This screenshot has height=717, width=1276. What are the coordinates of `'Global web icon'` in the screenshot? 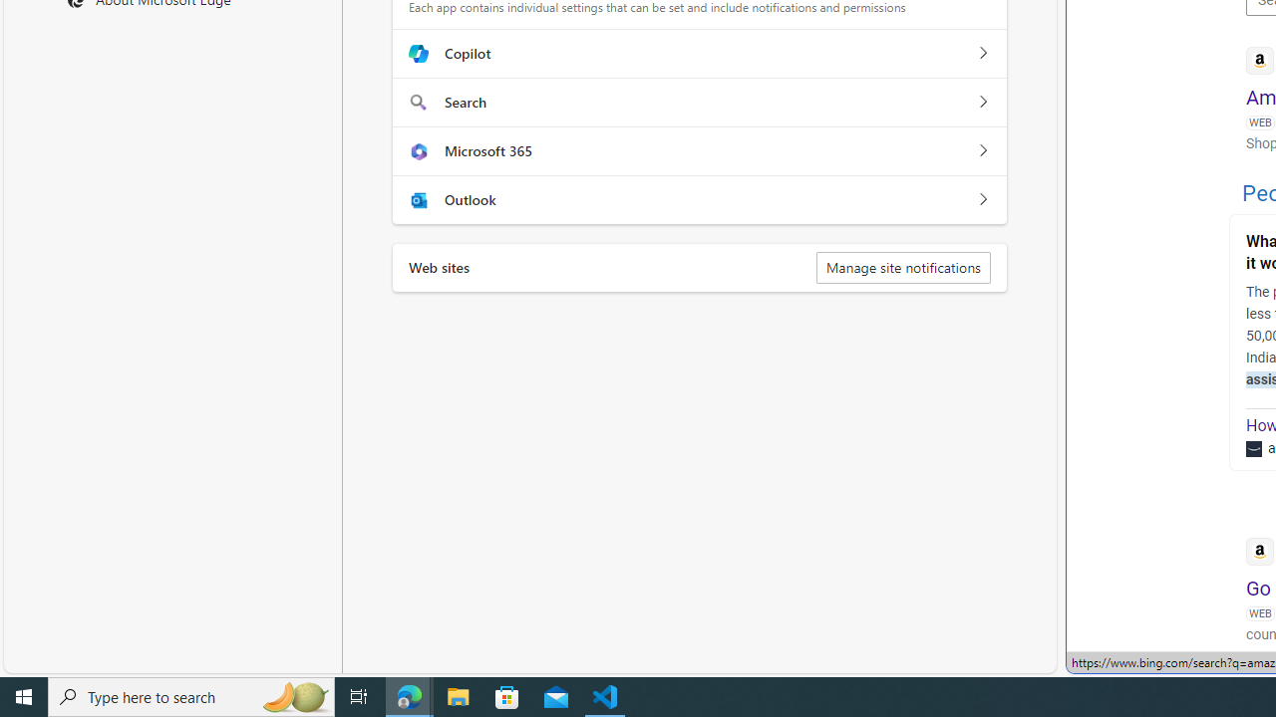 It's located at (1259, 552).